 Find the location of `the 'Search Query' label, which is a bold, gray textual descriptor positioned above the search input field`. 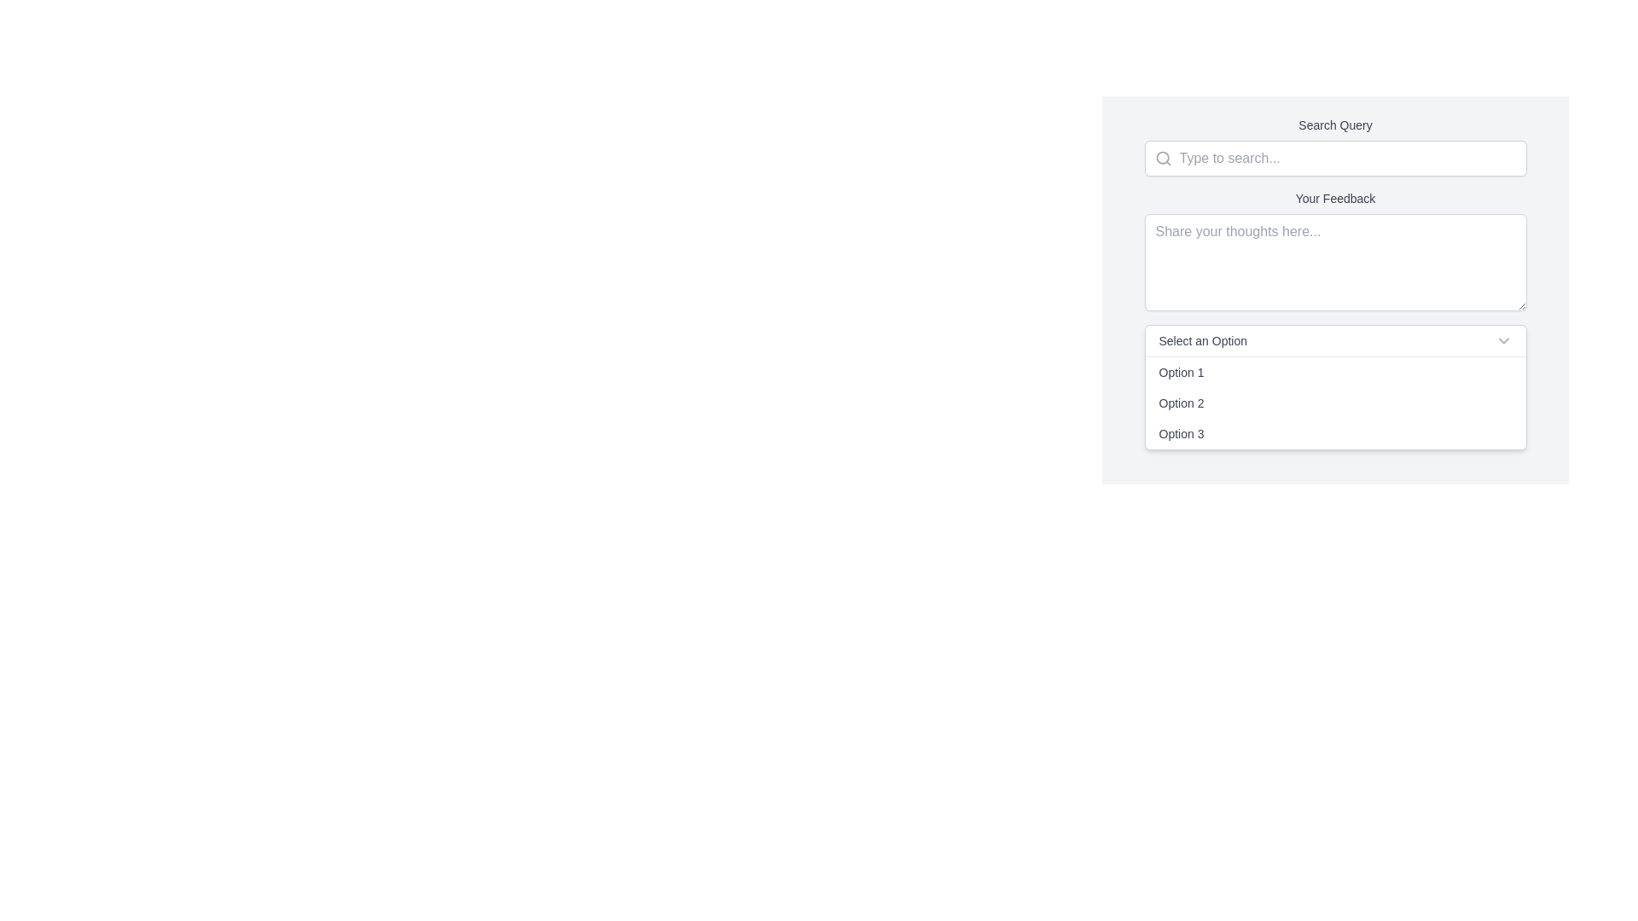

the 'Search Query' label, which is a bold, gray textual descriptor positioned above the search input field is located at coordinates (1334, 124).